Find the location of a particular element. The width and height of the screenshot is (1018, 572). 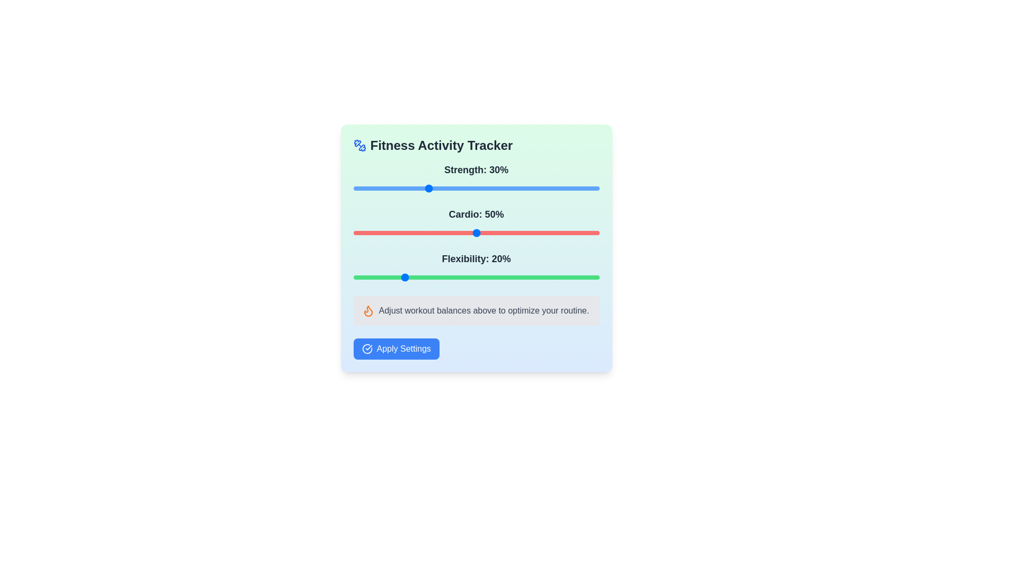

the Cardio slider is located at coordinates (523, 232).